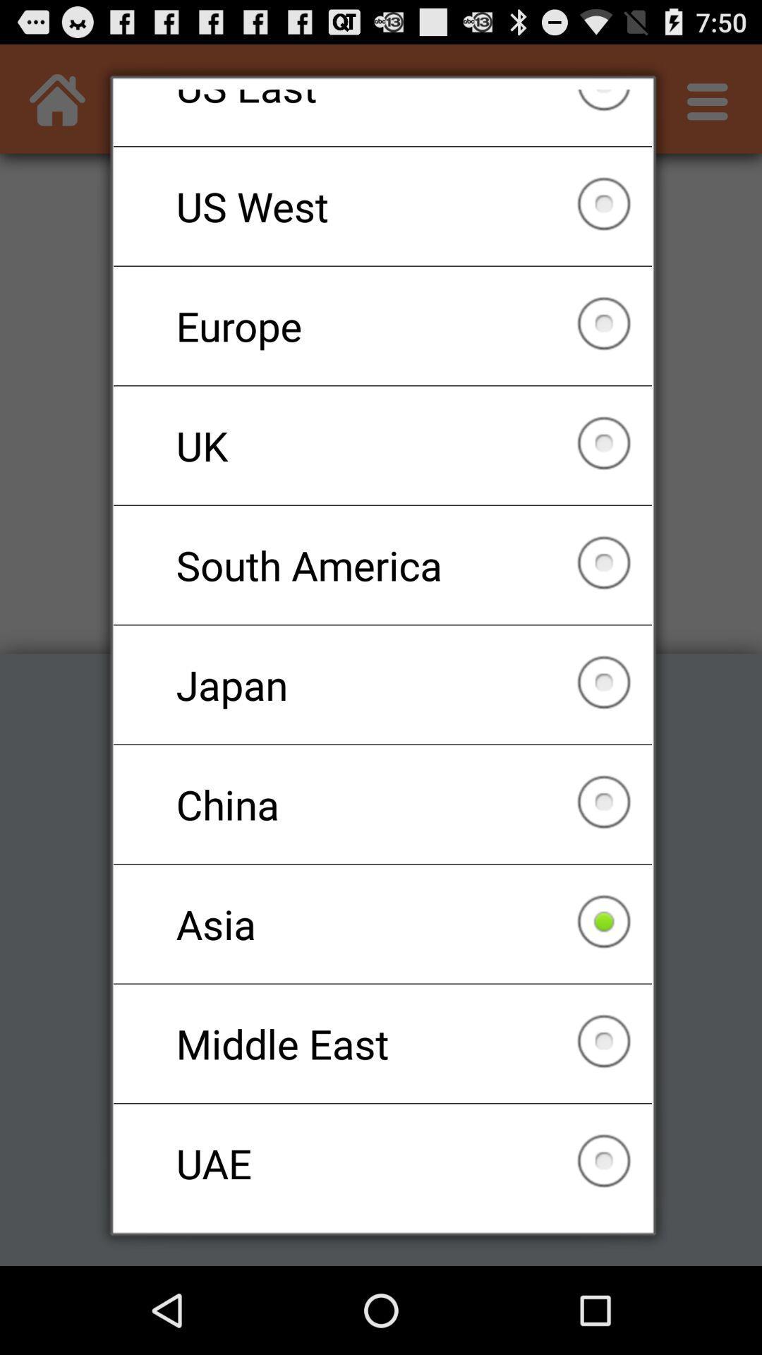 This screenshot has height=1355, width=762. What do you see at coordinates (382, 805) in the screenshot?
I see `the checkbox above     asia item` at bounding box center [382, 805].